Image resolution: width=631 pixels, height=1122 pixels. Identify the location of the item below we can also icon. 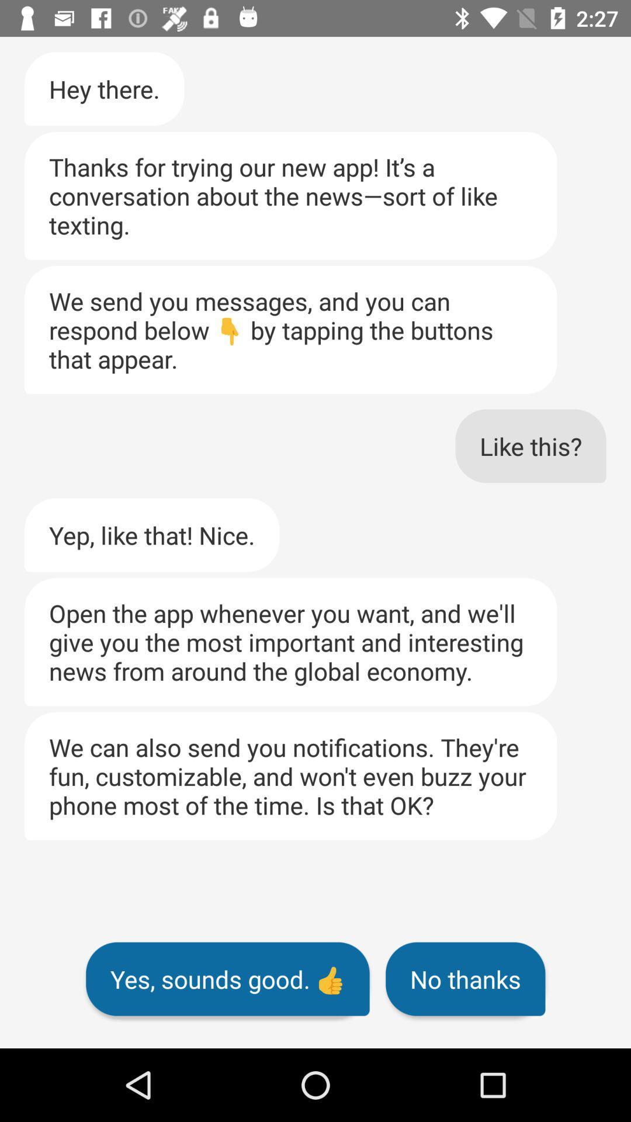
(464, 979).